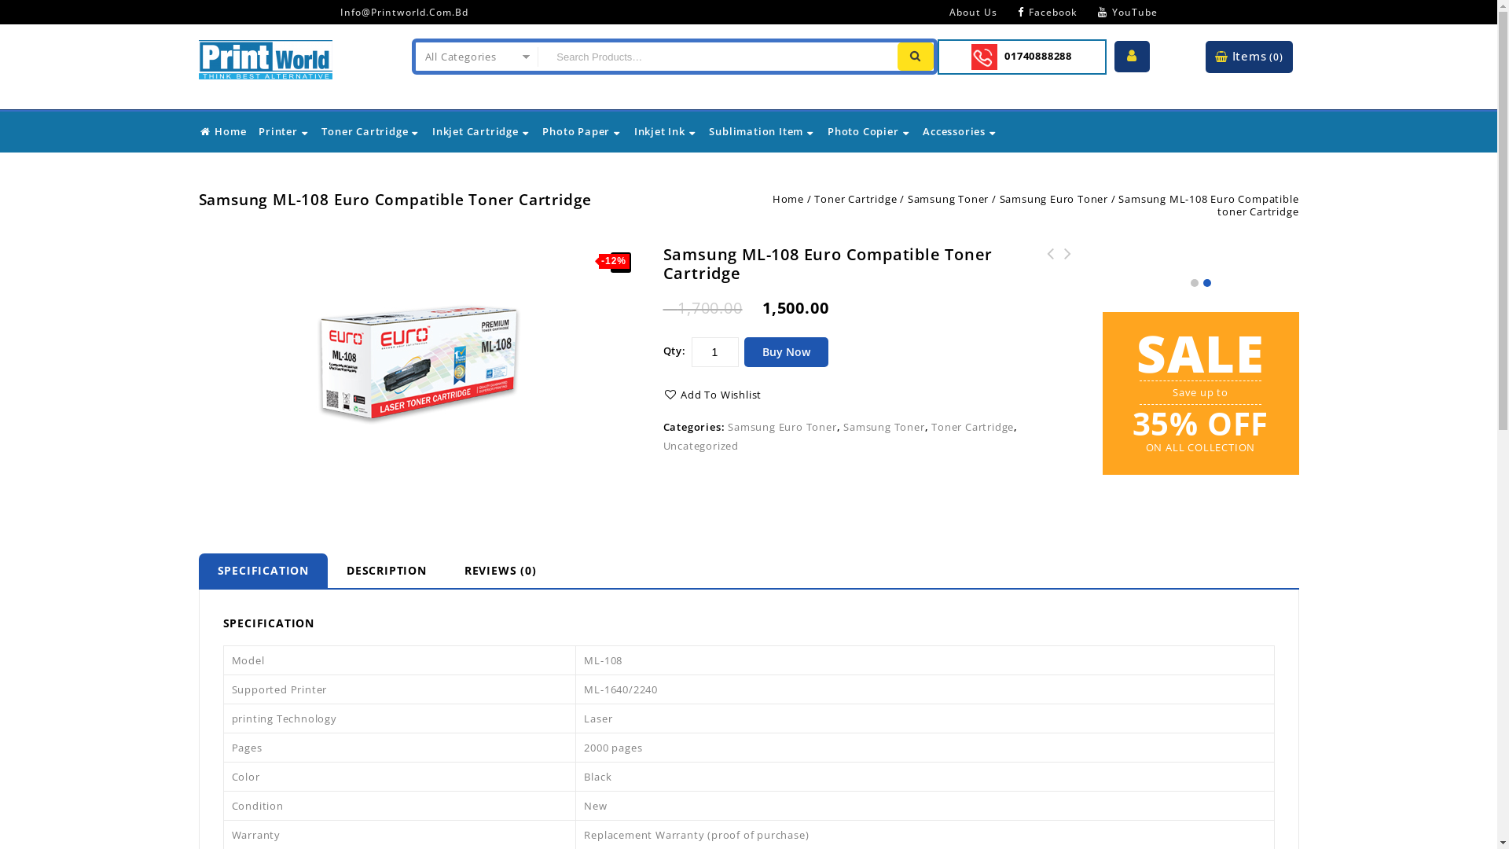 The width and height of the screenshot is (1509, 849). I want to click on 'Photo Copier', so click(868, 130).